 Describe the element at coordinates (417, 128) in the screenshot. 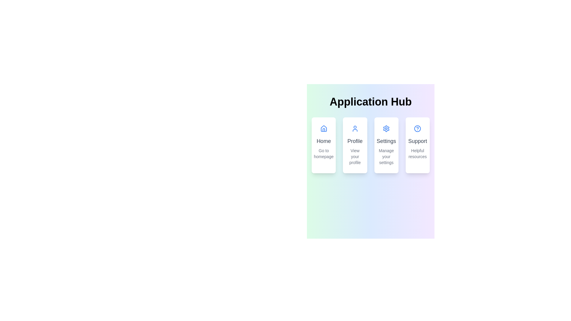

I see `the help icon located at the top of the 'Support' card, positioned above the text 'Support' and 'Helpful resources'` at that location.